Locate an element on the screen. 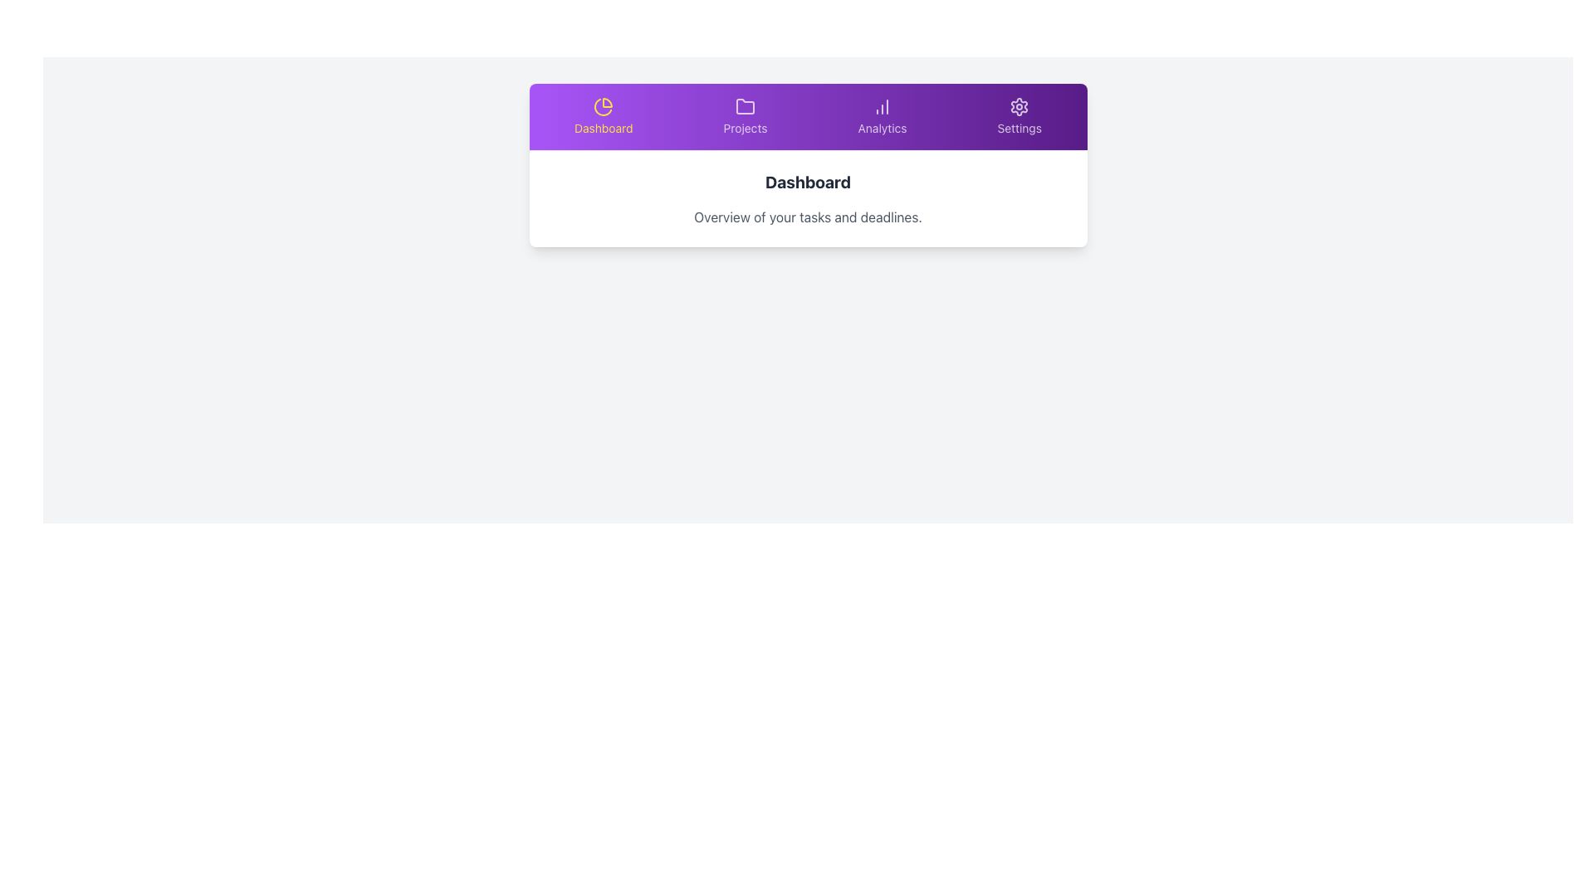 The image size is (1594, 896). the purple folder icon in the header navigation bar is located at coordinates (744, 106).